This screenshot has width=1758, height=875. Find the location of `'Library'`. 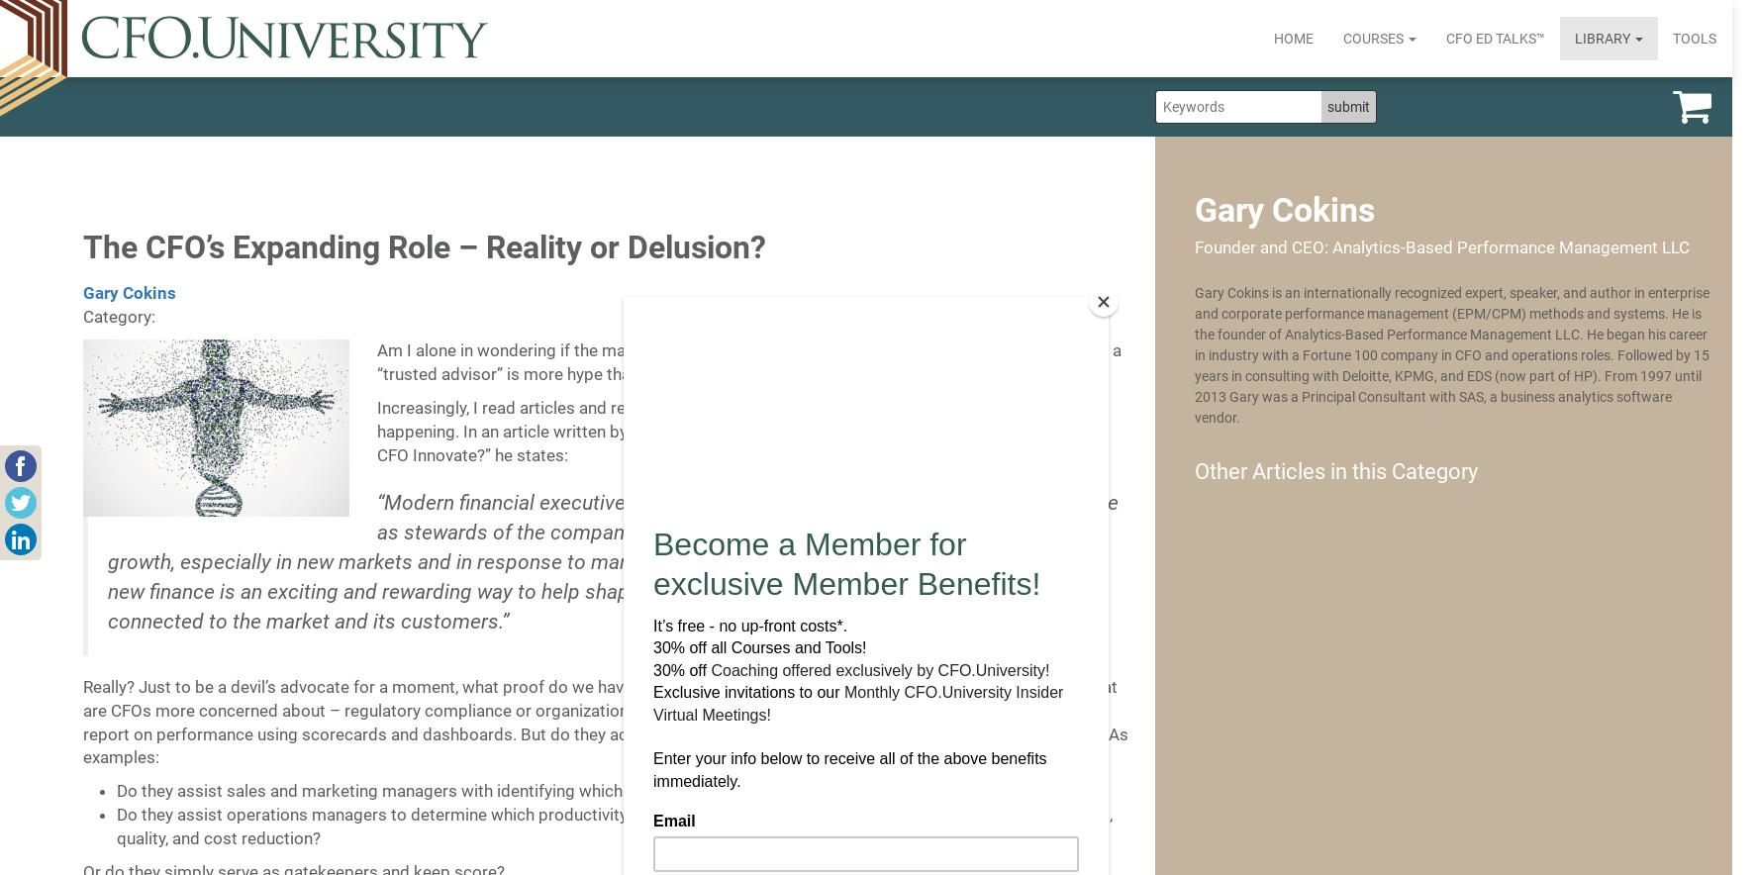

'Library' is located at coordinates (1604, 37).